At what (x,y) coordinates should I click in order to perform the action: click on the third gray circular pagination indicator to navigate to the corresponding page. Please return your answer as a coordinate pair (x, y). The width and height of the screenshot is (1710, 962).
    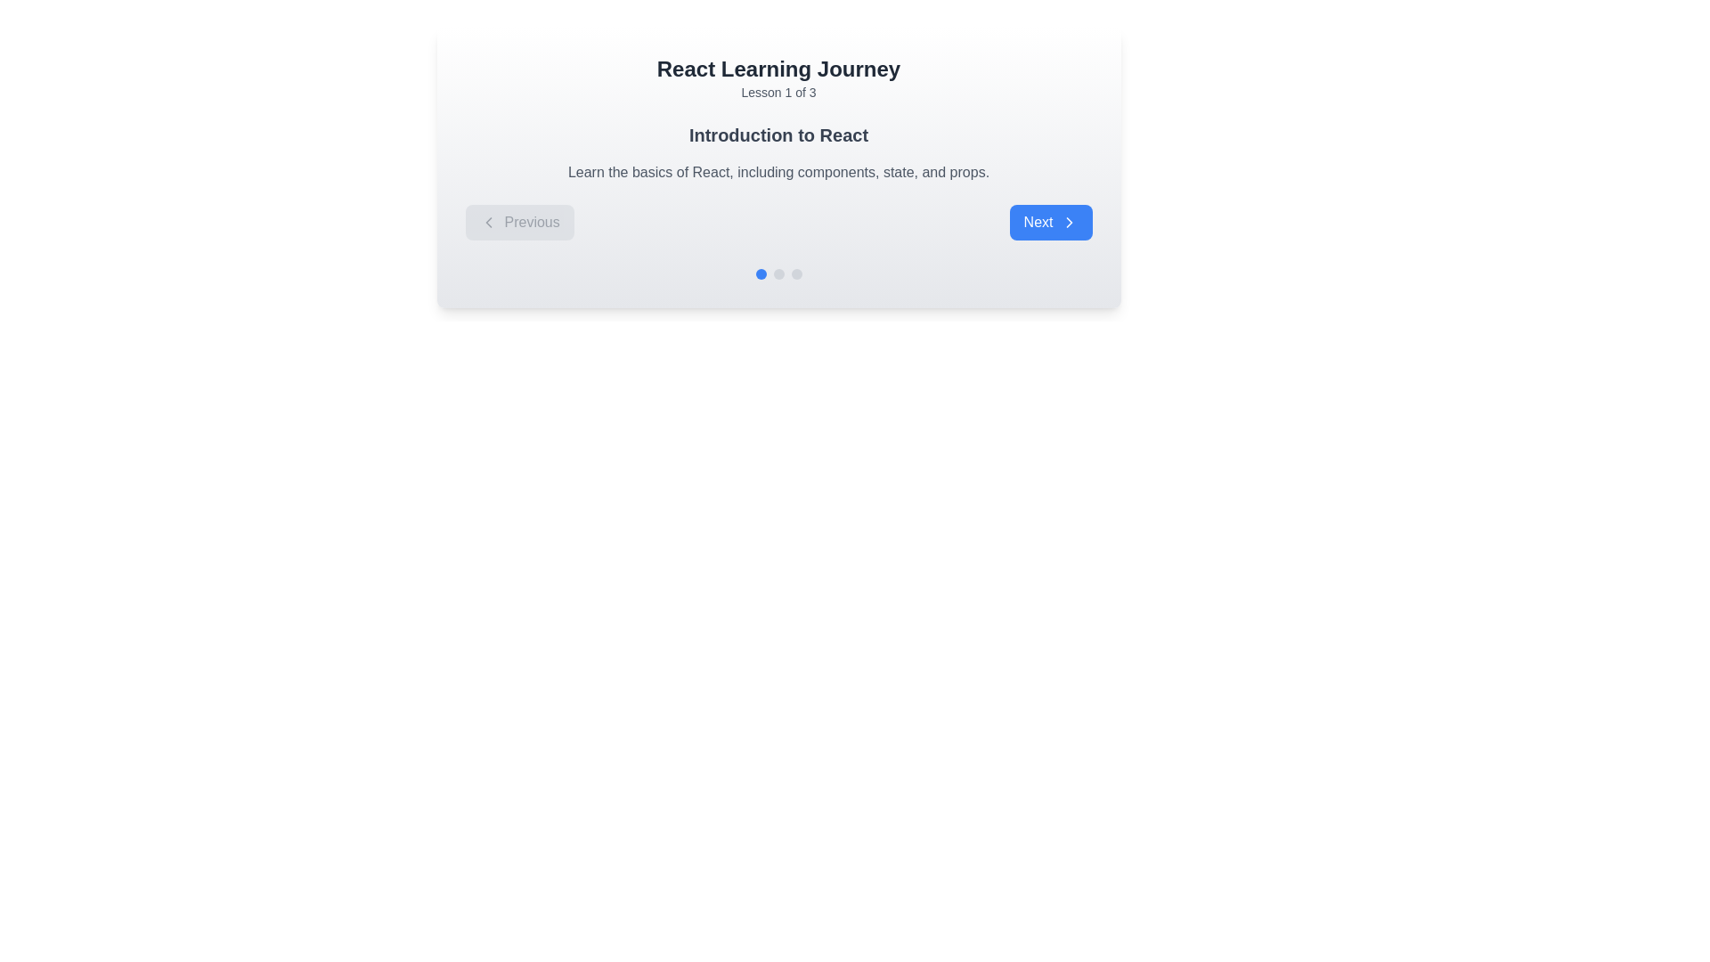
    Looking at the image, I should click on (795, 274).